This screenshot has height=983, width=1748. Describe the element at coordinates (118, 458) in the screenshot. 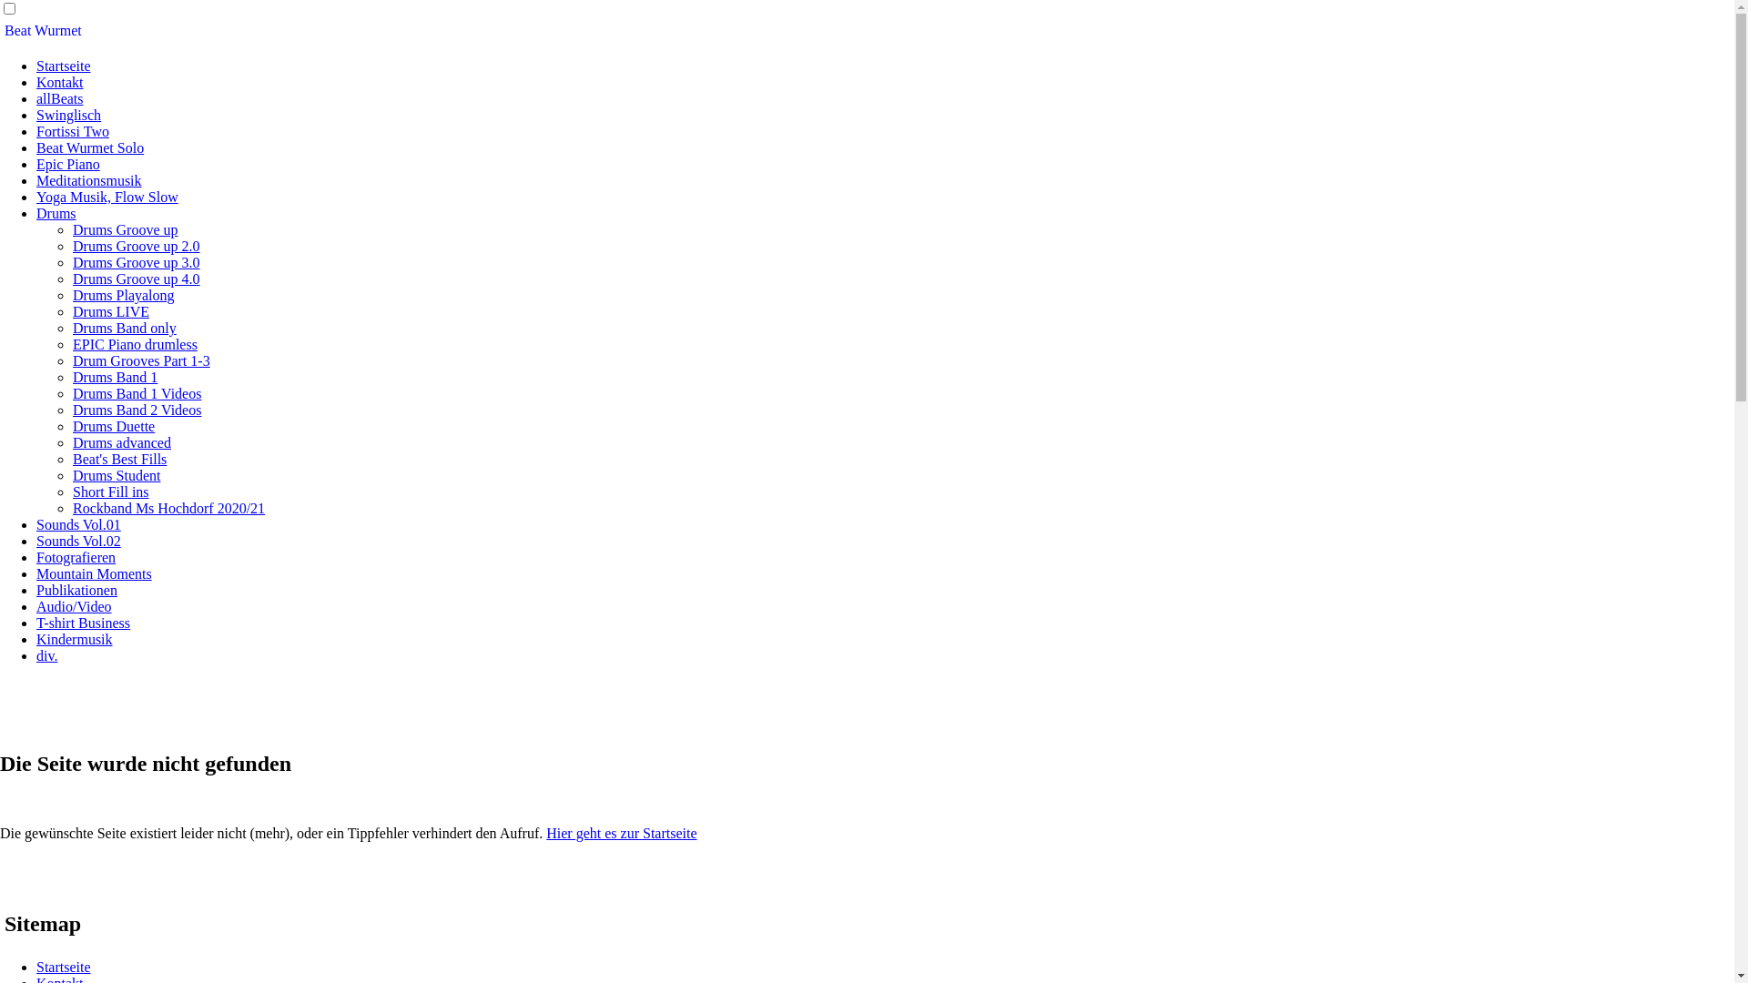

I see `'Beat's Best Fills'` at that location.